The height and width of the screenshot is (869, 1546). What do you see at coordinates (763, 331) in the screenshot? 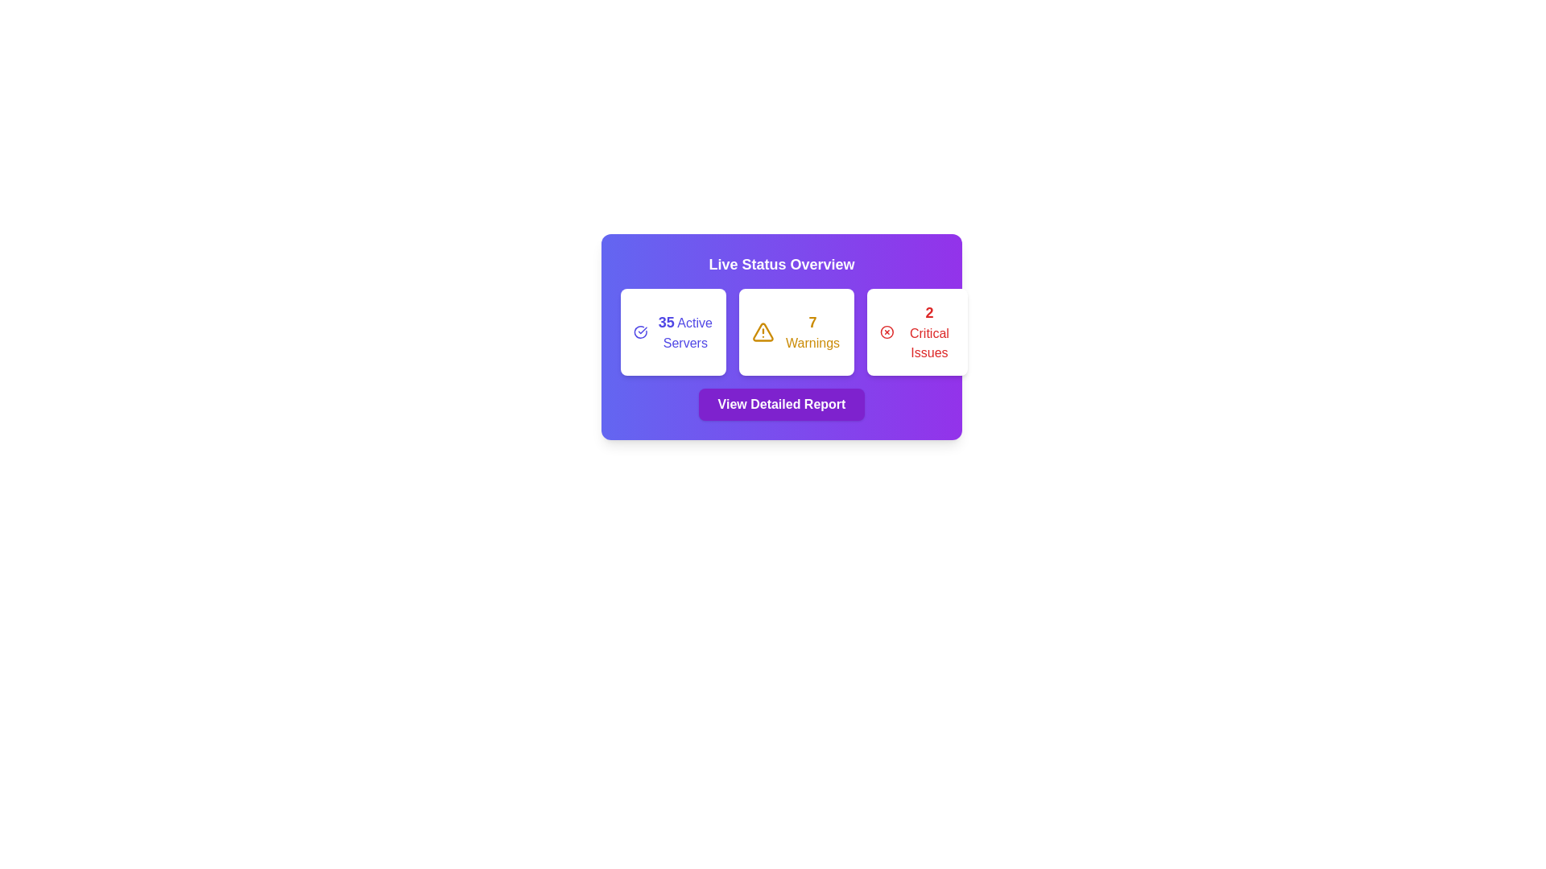
I see `the warning icon that visually emphasizes the '7 Warnings' status, which is located in the second panel from the left in a horizontal row of three panels` at bounding box center [763, 331].